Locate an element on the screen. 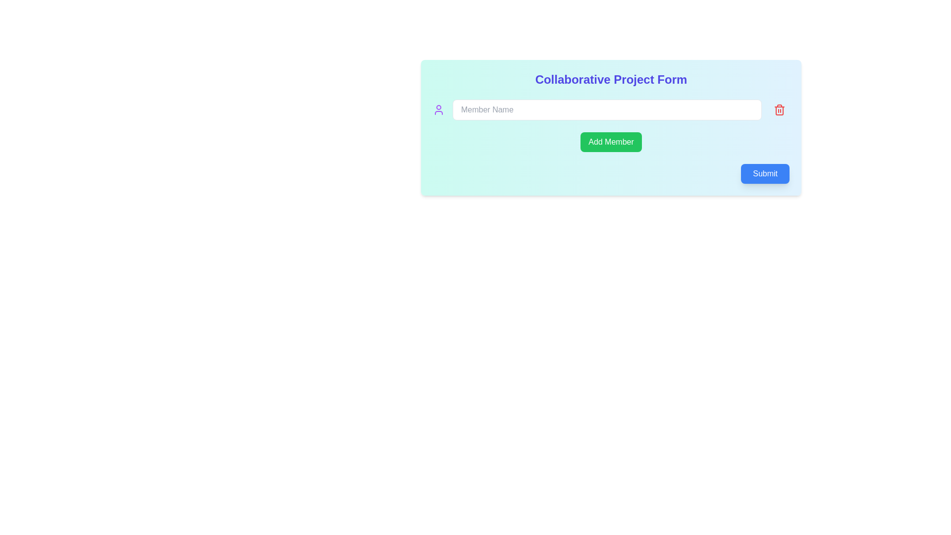 This screenshot has width=951, height=535. the trash can button with red color and hover effects for keyboard input interaction is located at coordinates (779, 110).